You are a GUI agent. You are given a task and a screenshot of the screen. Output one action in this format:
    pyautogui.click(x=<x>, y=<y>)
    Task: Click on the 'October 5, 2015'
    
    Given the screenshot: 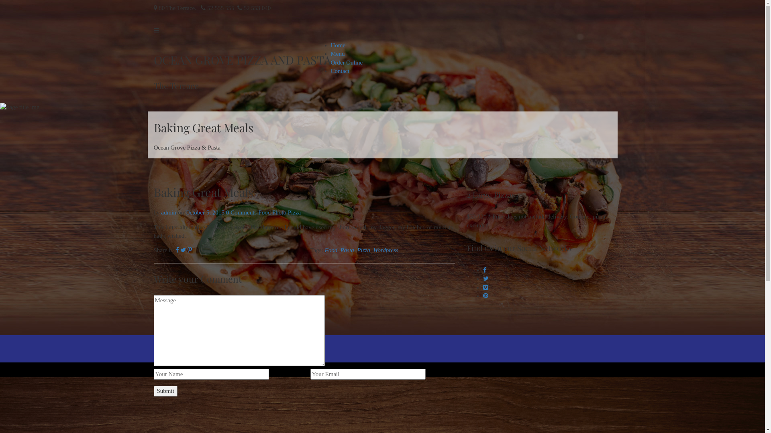 What is the action you would take?
    pyautogui.click(x=205, y=212)
    